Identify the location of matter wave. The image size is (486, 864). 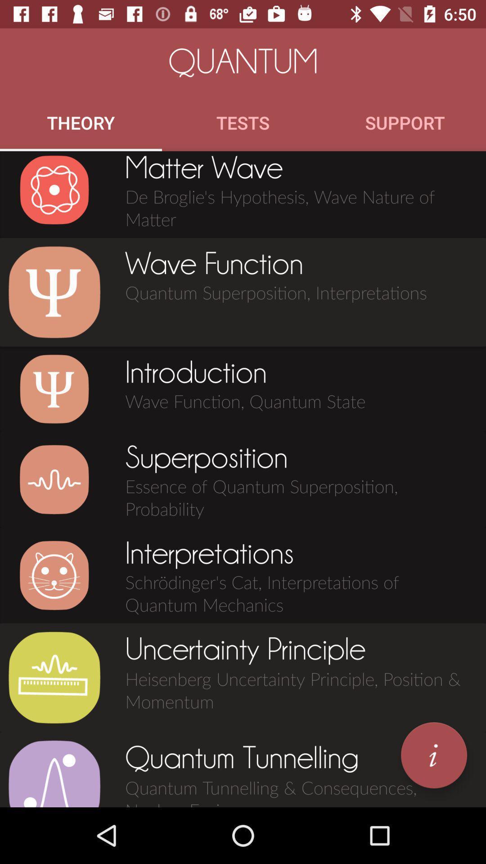
(54, 189).